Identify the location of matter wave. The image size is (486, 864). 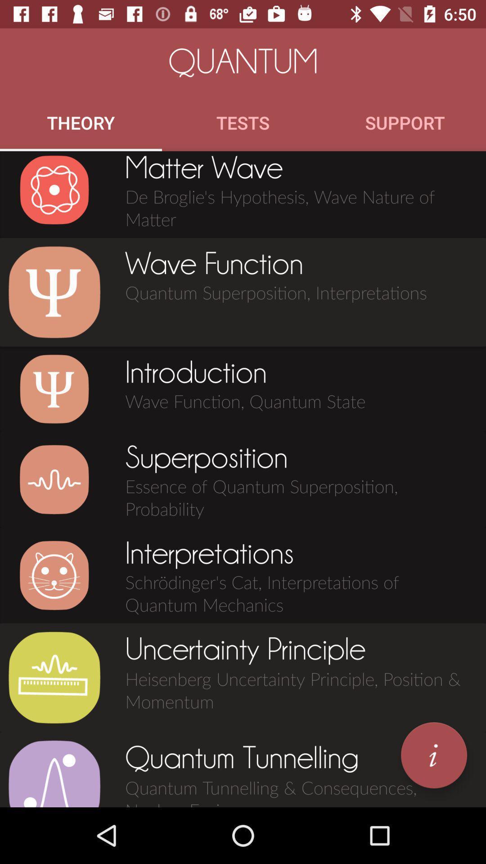
(54, 189).